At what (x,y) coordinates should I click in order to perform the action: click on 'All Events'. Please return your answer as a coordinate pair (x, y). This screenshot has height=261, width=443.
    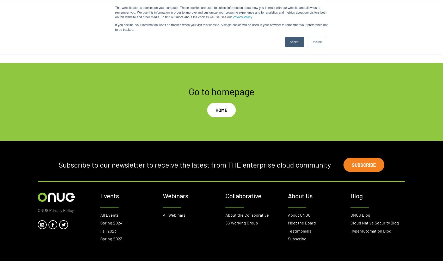
    Looking at the image, I should click on (109, 214).